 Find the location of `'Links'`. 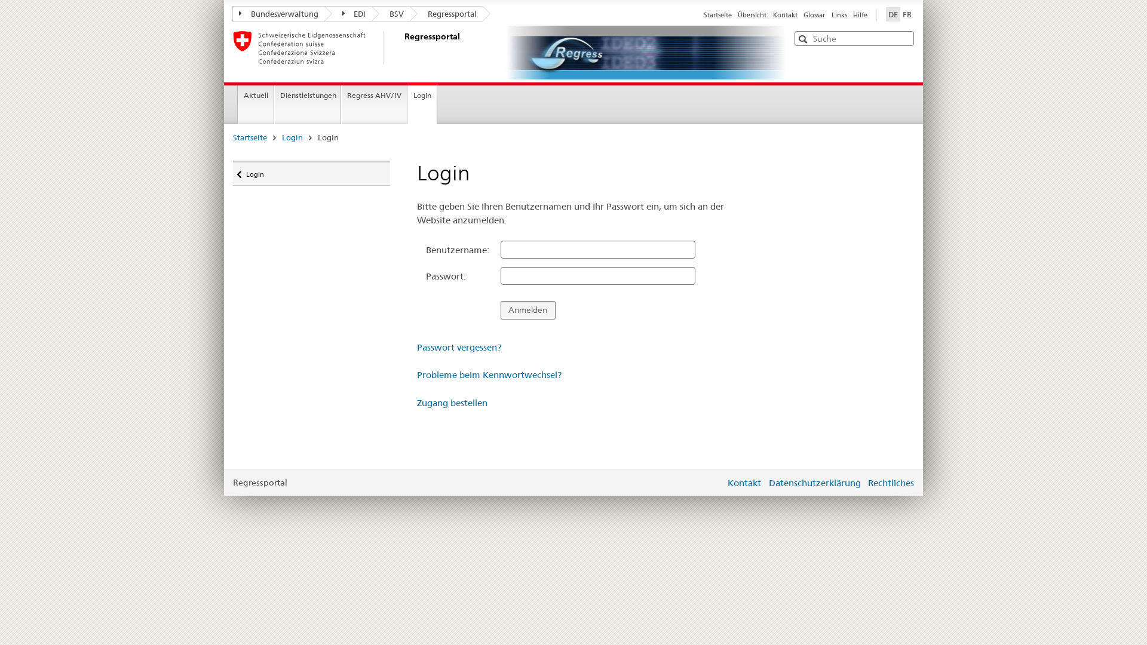

'Links' is located at coordinates (831, 14).